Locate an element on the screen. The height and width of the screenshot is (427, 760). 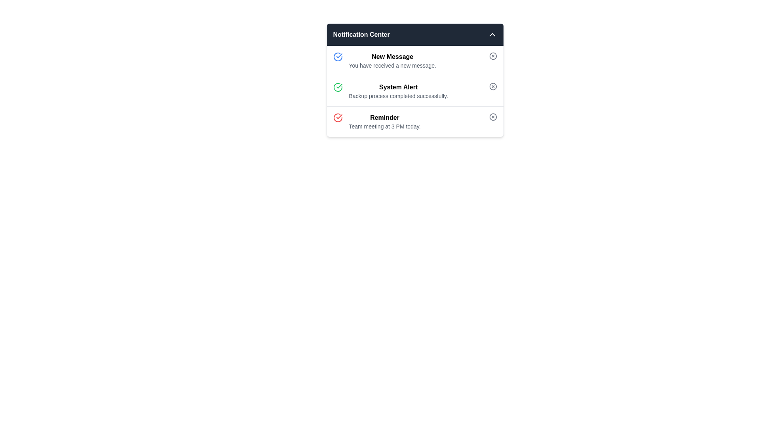
the non-interactive status icon for the 'System Alert' notification, which is positioned to the left of the notification's title and description text is located at coordinates (339, 86).